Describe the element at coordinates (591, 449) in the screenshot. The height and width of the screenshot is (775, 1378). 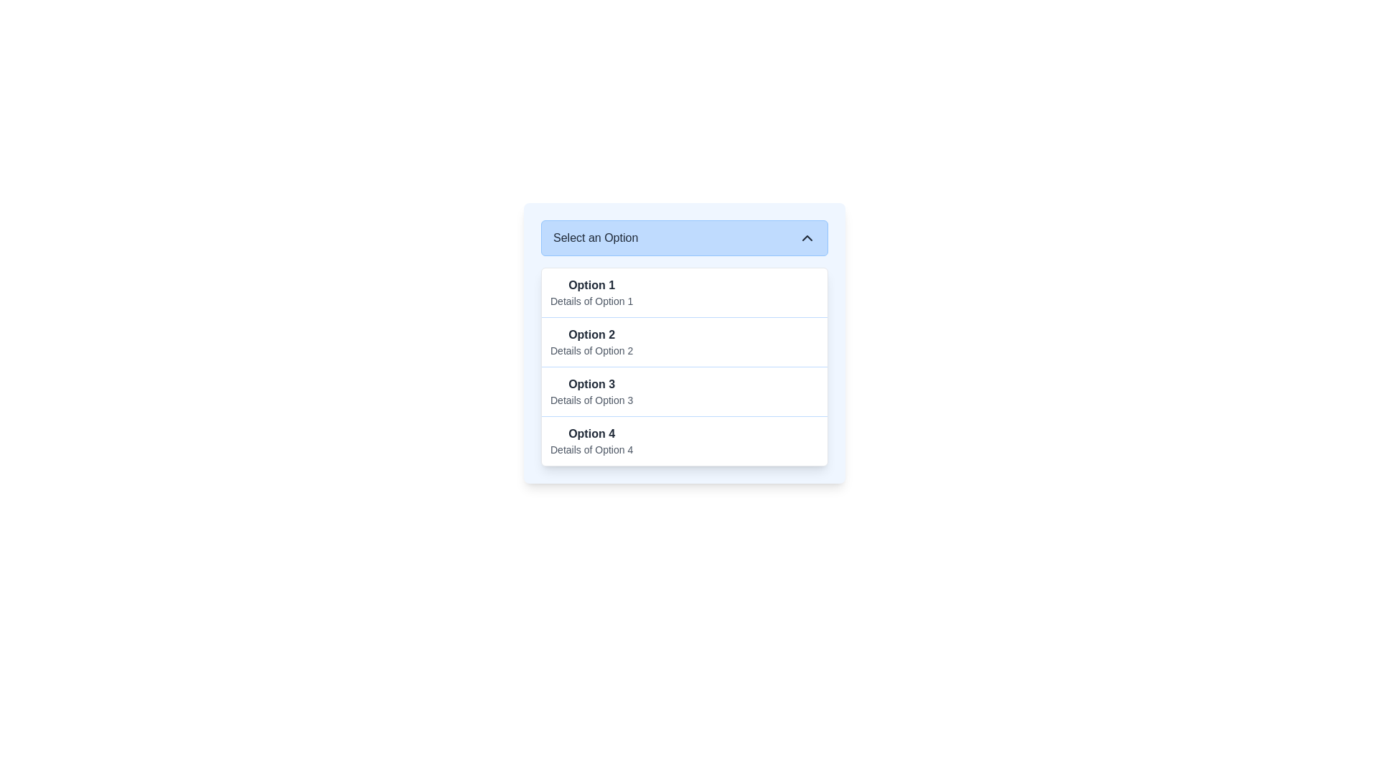
I see `the non-interactive text label providing additional information for 'Option 4' located in the dropdown menu` at that location.